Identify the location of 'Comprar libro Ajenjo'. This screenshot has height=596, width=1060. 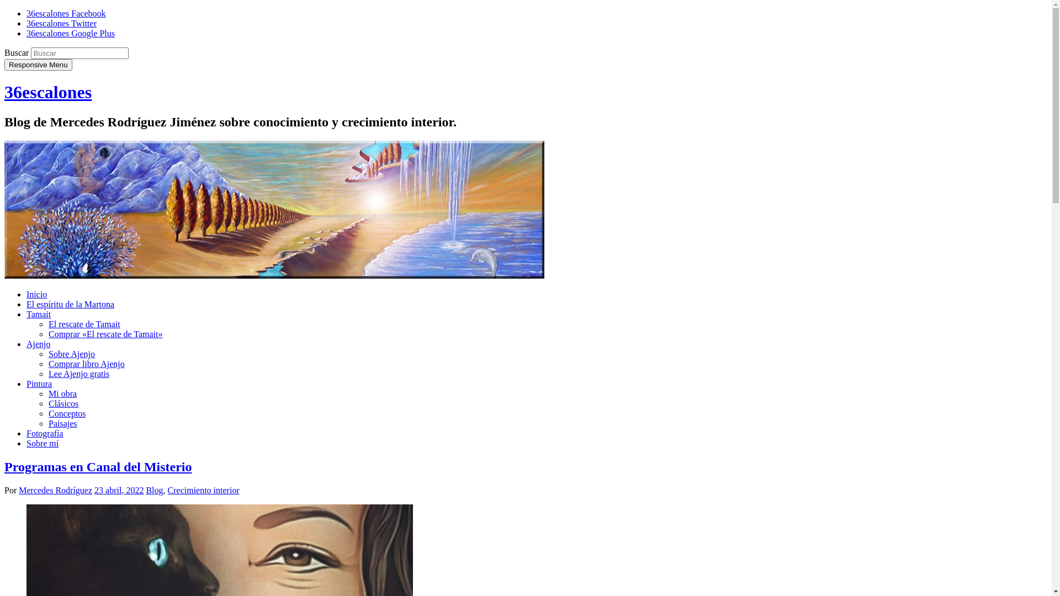
(86, 364).